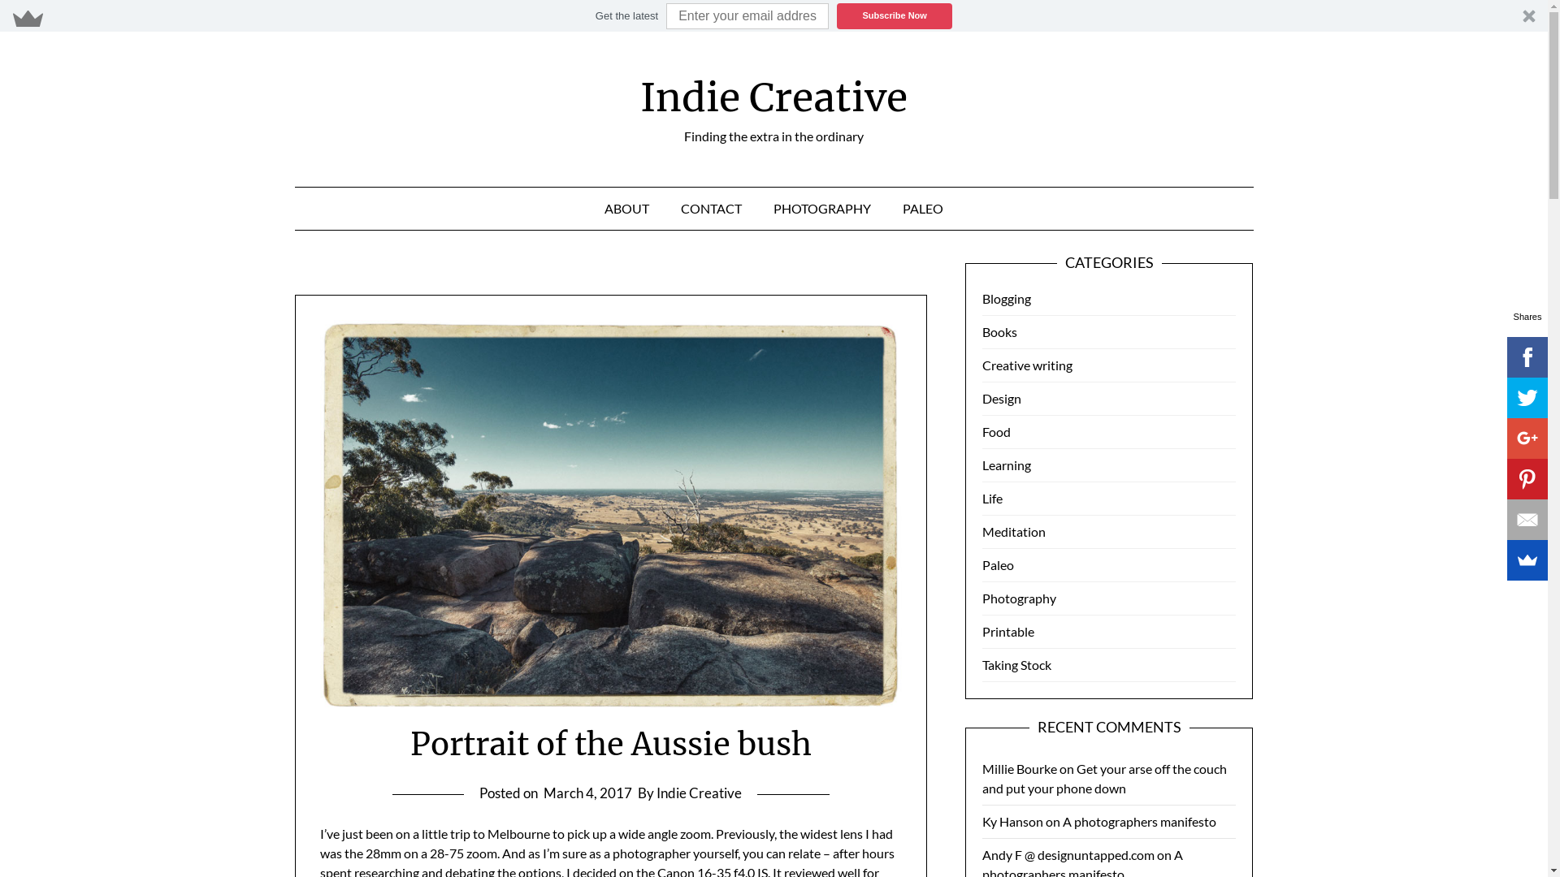  I want to click on 'Twitter', so click(1506, 397).